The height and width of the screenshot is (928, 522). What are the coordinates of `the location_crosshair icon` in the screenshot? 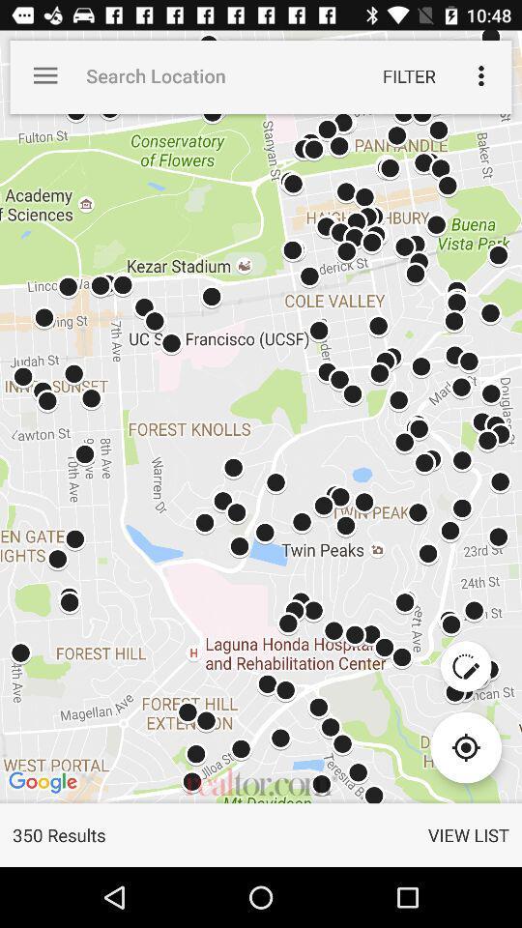 It's located at (465, 746).